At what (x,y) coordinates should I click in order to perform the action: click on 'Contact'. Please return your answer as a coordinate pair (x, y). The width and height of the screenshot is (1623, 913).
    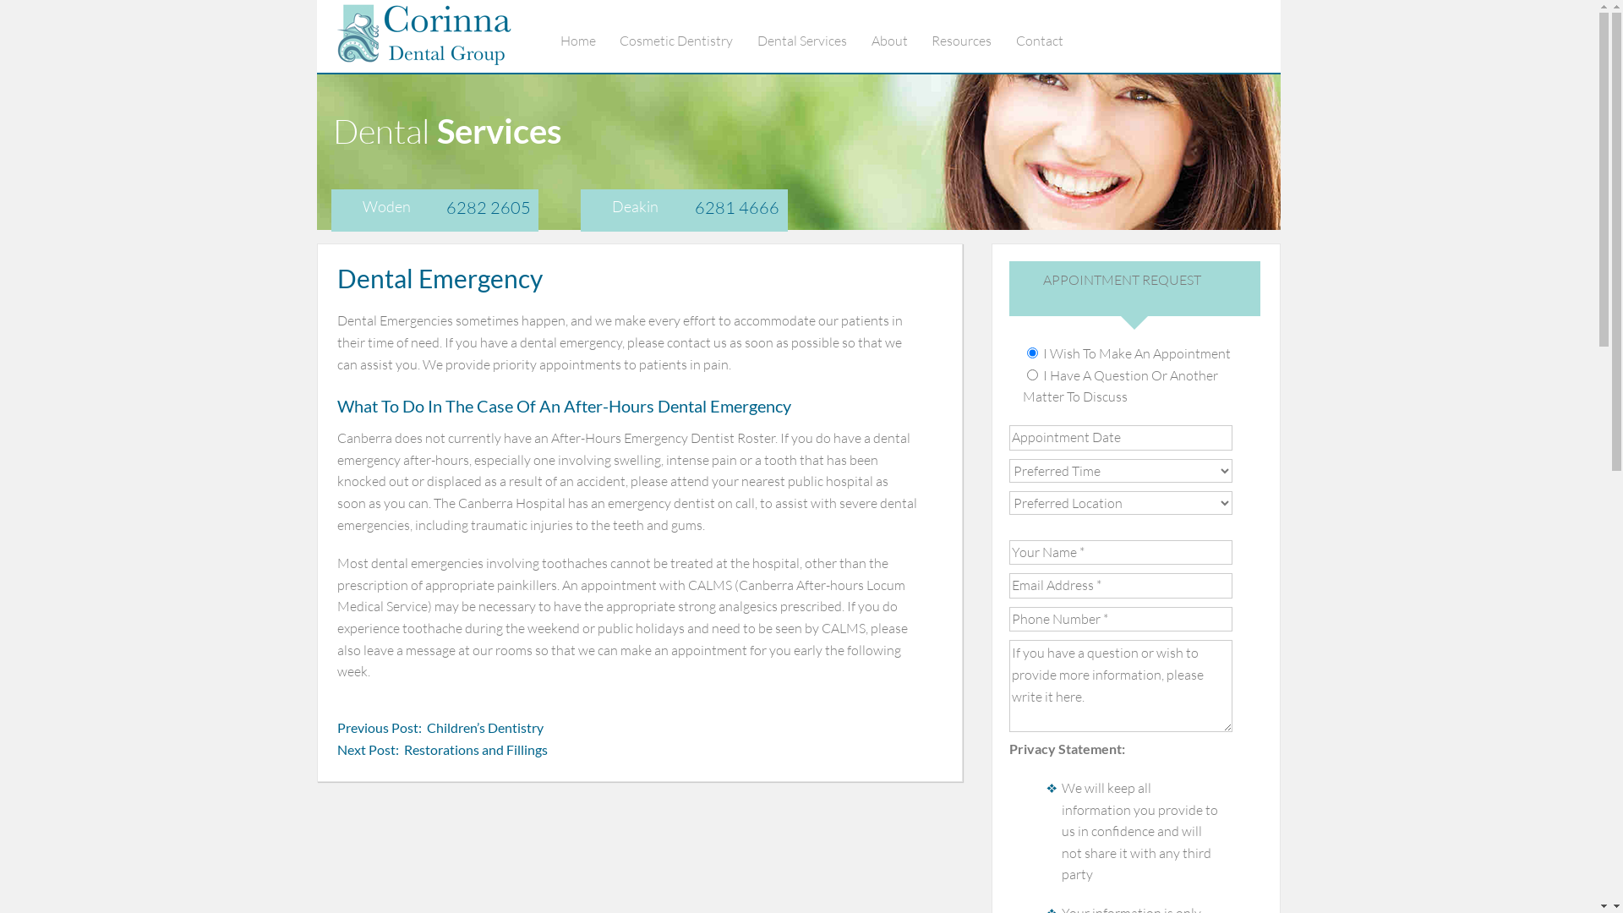
    Looking at the image, I should click on (1050, 39).